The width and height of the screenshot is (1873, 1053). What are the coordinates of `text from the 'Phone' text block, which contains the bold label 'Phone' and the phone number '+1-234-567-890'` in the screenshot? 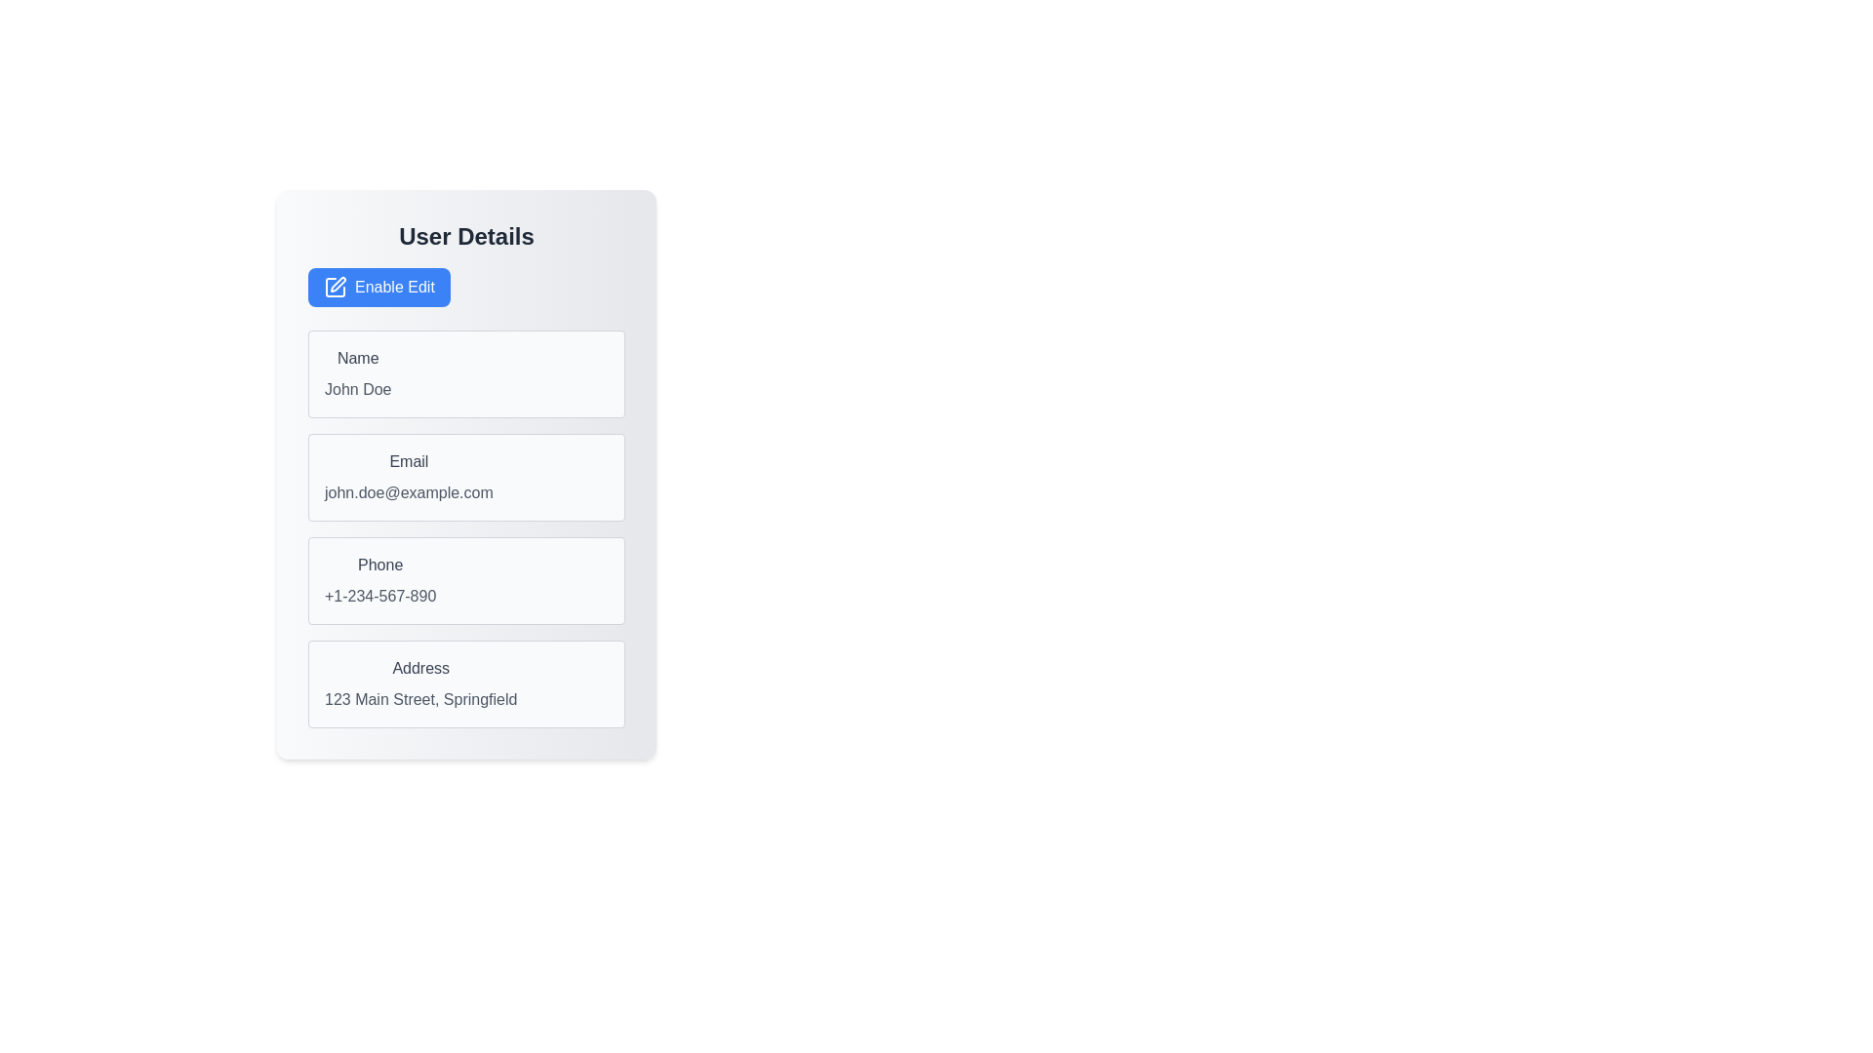 It's located at (380, 580).